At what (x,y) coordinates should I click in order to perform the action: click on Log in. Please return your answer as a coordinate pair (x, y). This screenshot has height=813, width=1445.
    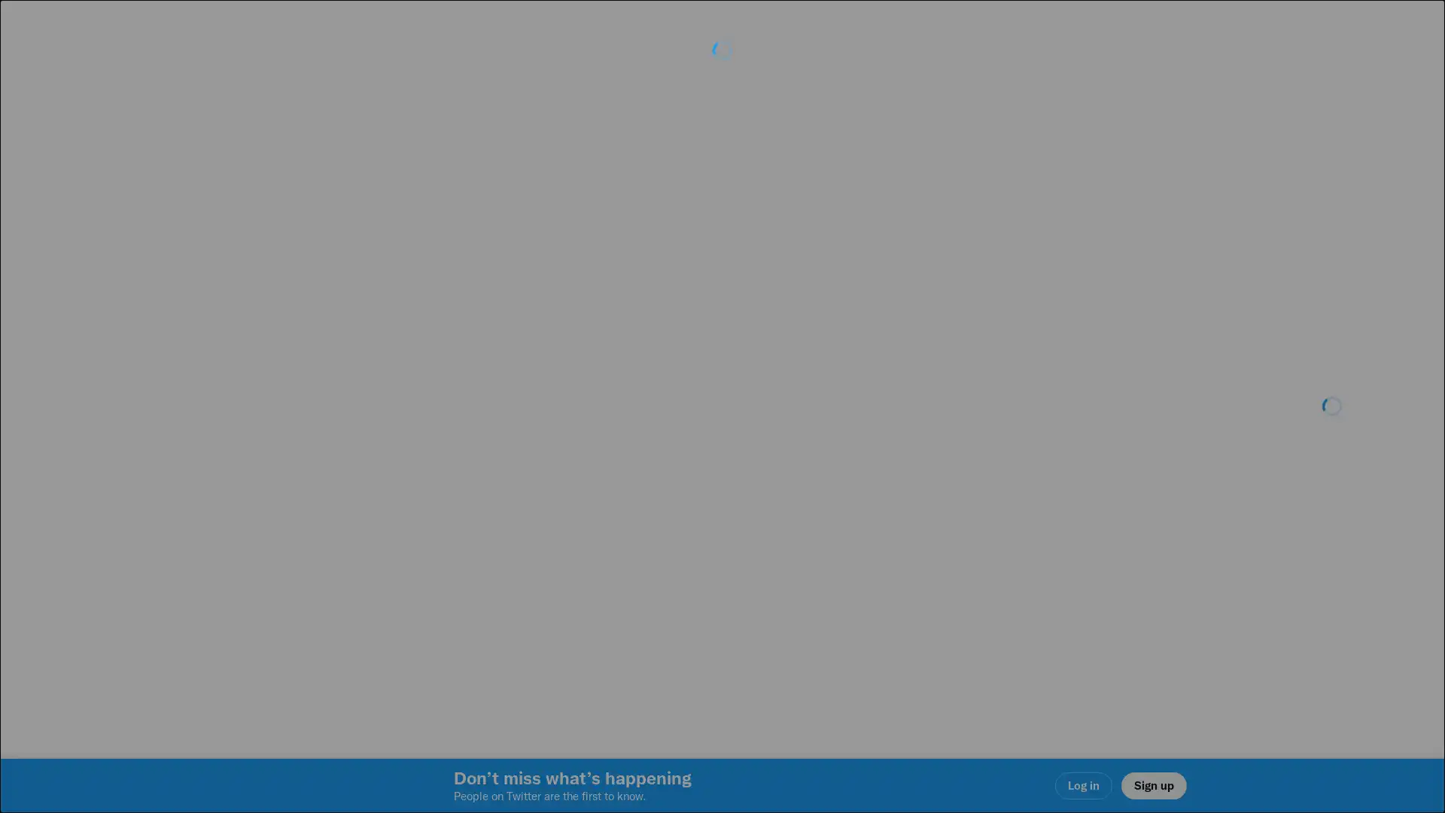
    Looking at the image, I should click on (903, 513).